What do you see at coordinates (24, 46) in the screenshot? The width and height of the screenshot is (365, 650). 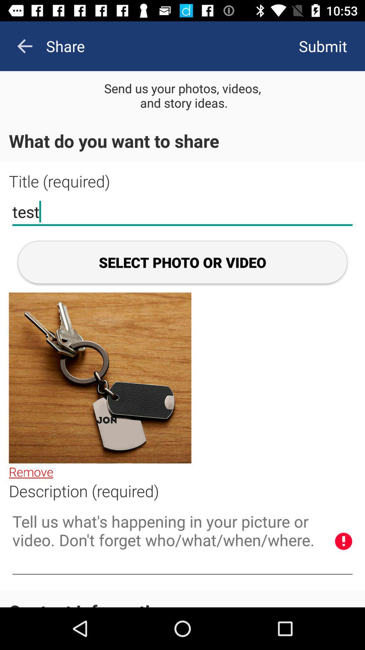 I see `the arrow_backward icon` at bounding box center [24, 46].